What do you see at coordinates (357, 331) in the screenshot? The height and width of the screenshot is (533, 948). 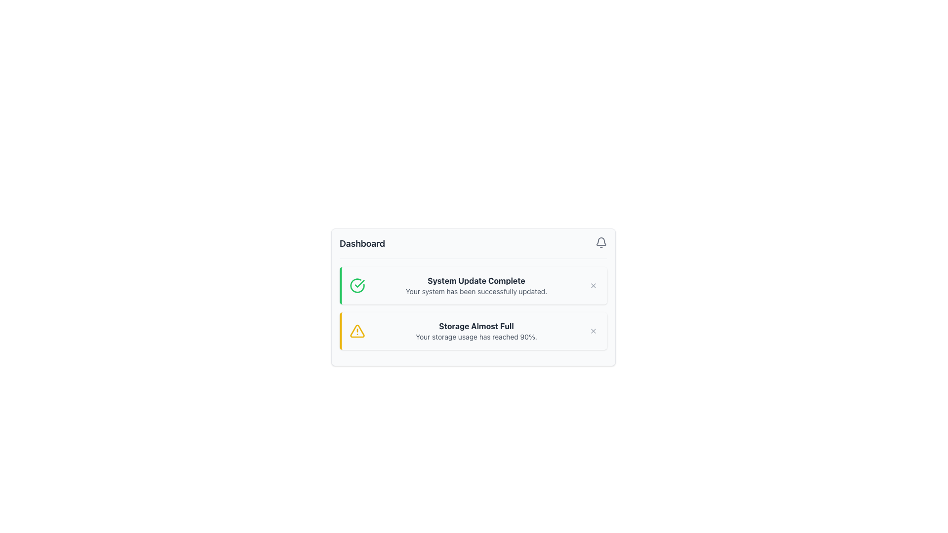 I see `the warning icon located in the second notification card, which is positioned to the left of the text 'Storage Almost Full'` at bounding box center [357, 331].